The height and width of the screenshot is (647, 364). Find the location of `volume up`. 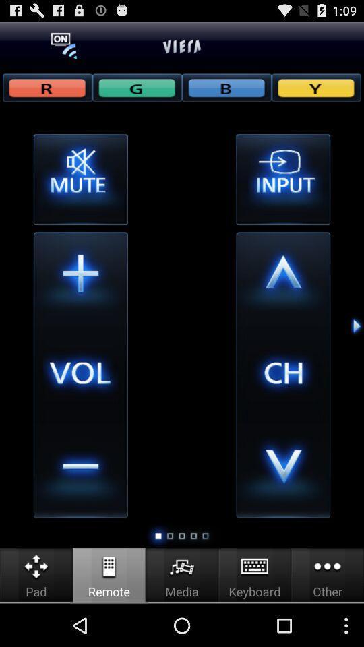

volume up is located at coordinates (80, 278).